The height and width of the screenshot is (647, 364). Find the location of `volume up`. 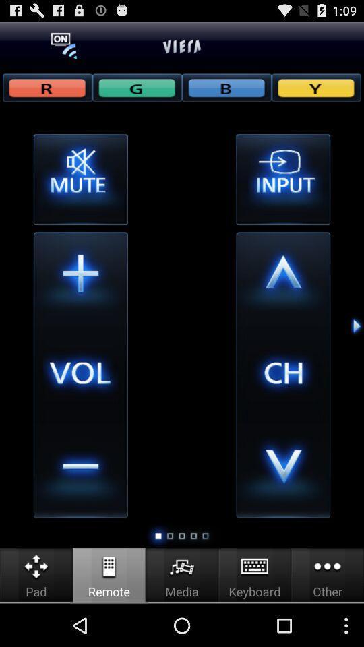

volume up is located at coordinates (80, 278).